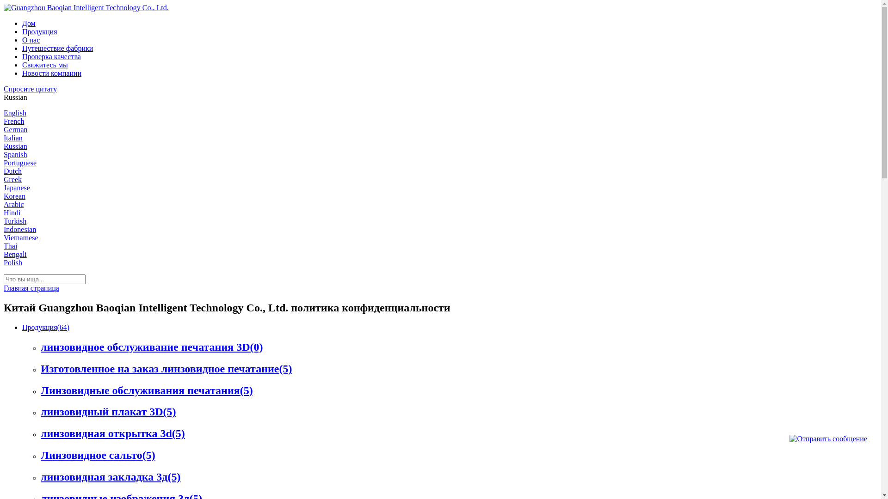 This screenshot has height=499, width=888. Describe the element at coordinates (14, 195) in the screenshot. I see `'Korean'` at that location.